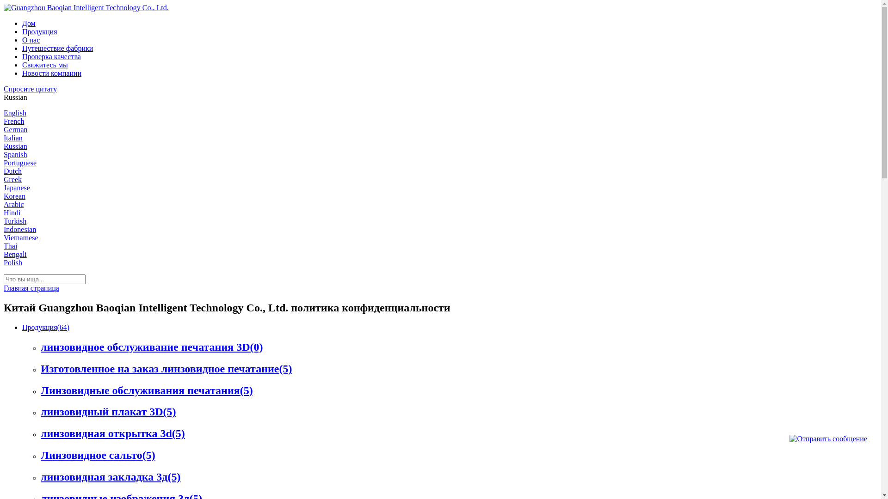 This screenshot has height=499, width=888. Describe the element at coordinates (14, 195) in the screenshot. I see `'Korean'` at that location.